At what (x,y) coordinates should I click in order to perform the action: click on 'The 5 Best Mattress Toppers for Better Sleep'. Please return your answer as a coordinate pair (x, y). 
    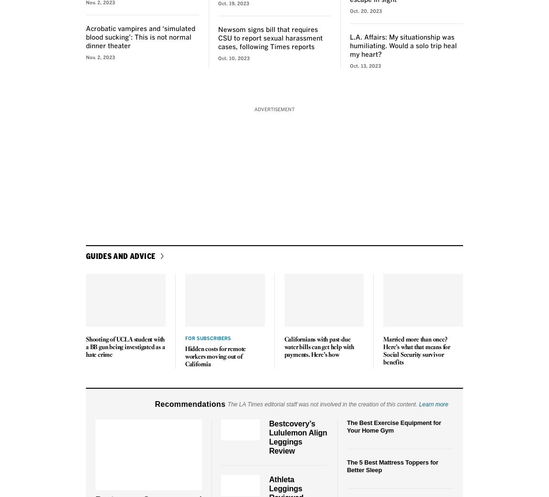
    Looking at the image, I should click on (392, 466).